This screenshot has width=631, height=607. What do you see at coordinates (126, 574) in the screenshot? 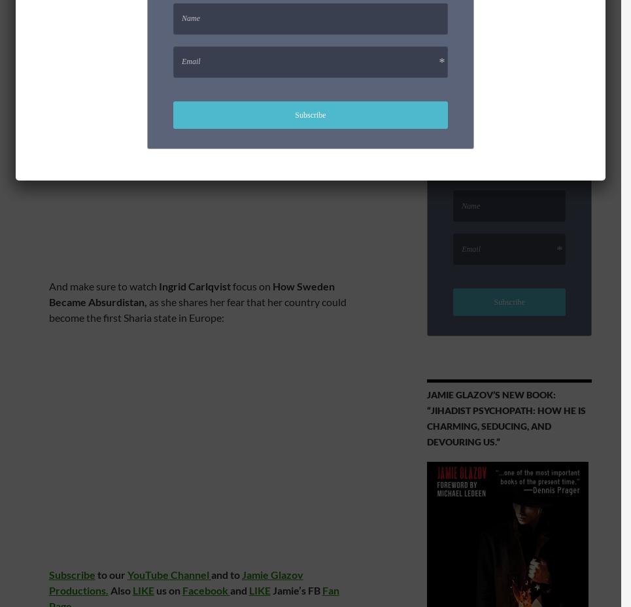
I see `'YouTube Channel'` at bounding box center [126, 574].